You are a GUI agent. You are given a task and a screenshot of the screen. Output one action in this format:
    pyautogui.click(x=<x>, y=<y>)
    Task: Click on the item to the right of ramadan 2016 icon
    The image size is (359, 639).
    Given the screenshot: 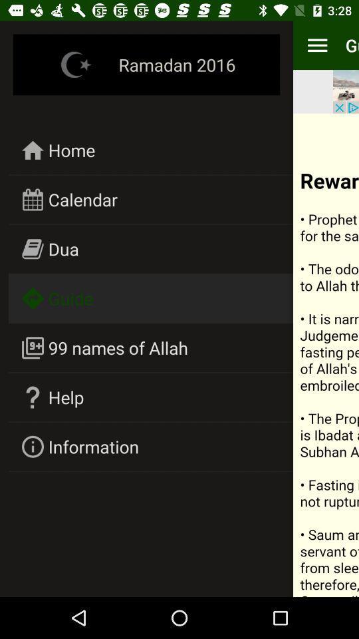 What is the action you would take?
    pyautogui.click(x=316, y=45)
    